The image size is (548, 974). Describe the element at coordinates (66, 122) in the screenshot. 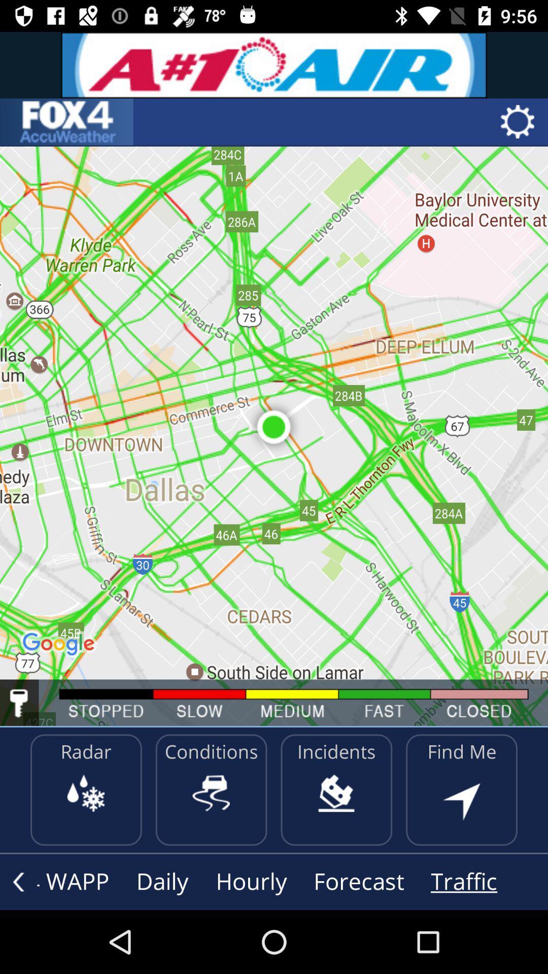

I see `item at the top left corner` at that location.